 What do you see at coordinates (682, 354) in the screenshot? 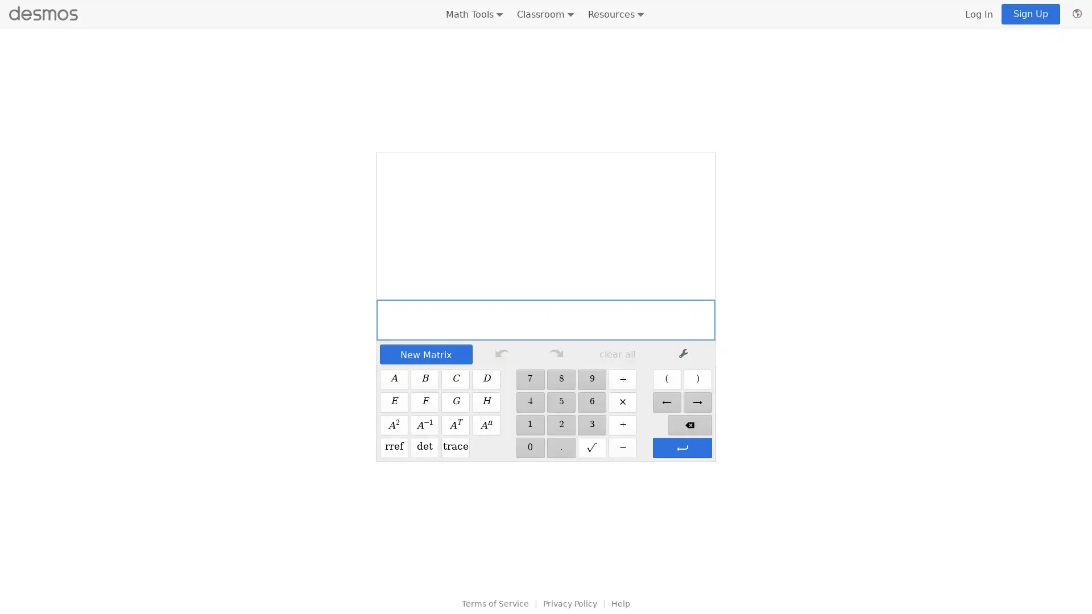
I see `settings` at bounding box center [682, 354].